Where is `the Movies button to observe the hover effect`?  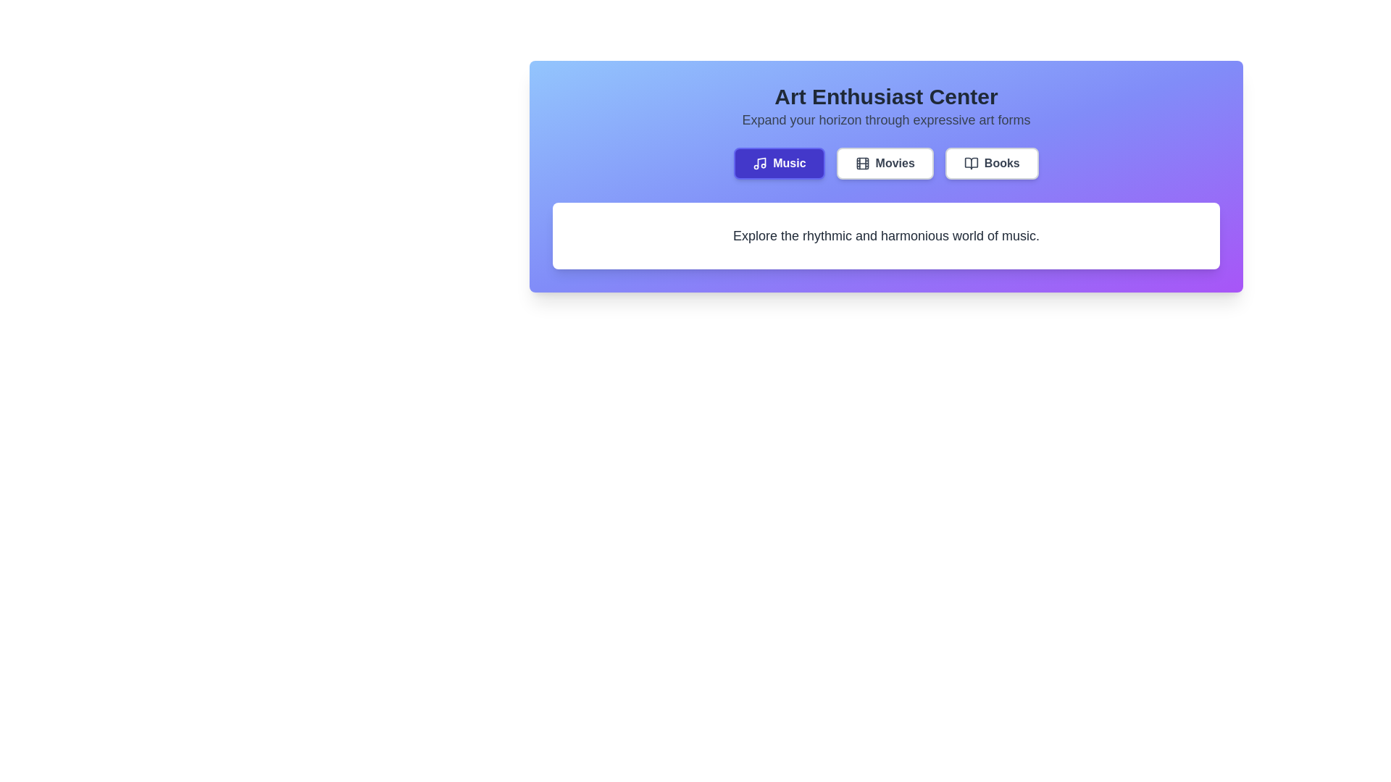 the Movies button to observe the hover effect is located at coordinates (884, 163).